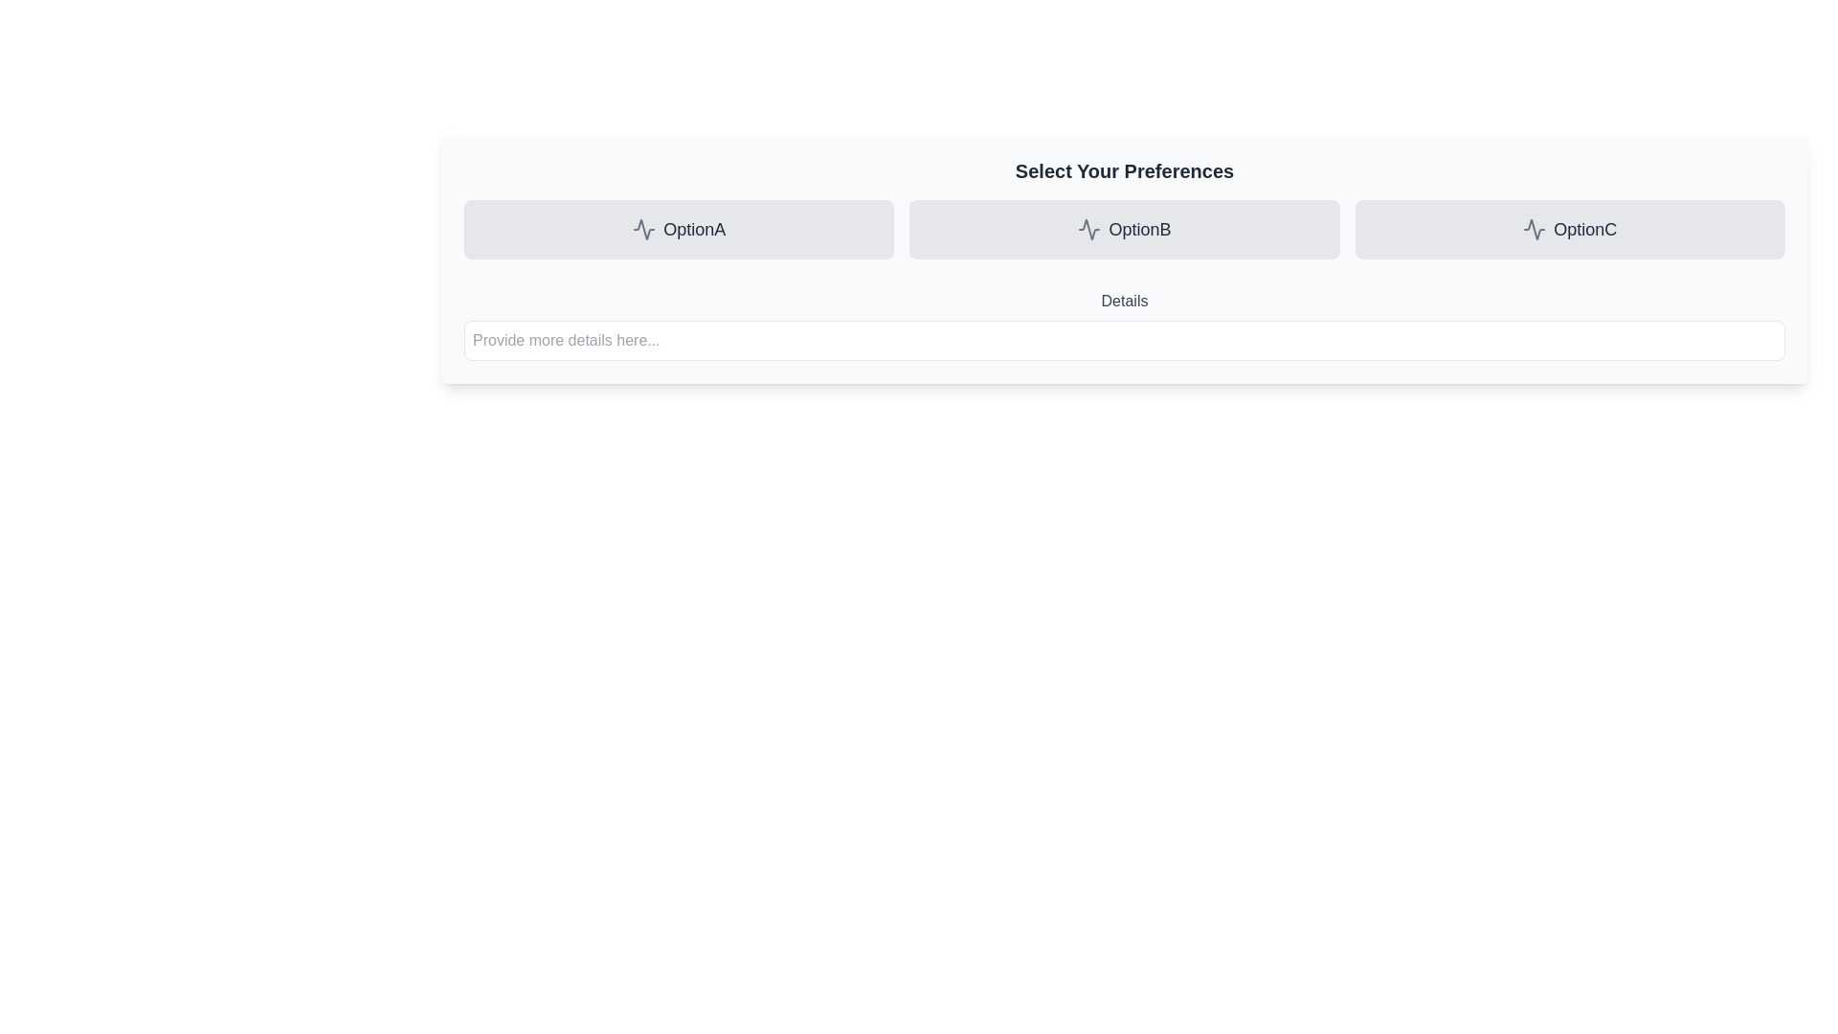 The width and height of the screenshot is (1838, 1034). Describe the element at coordinates (1125, 228) in the screenshot. I see `the button labeled 'OptionB' which is a light gray rectangular box with rounded corners and contains a waveform icon and bold text` at that location.